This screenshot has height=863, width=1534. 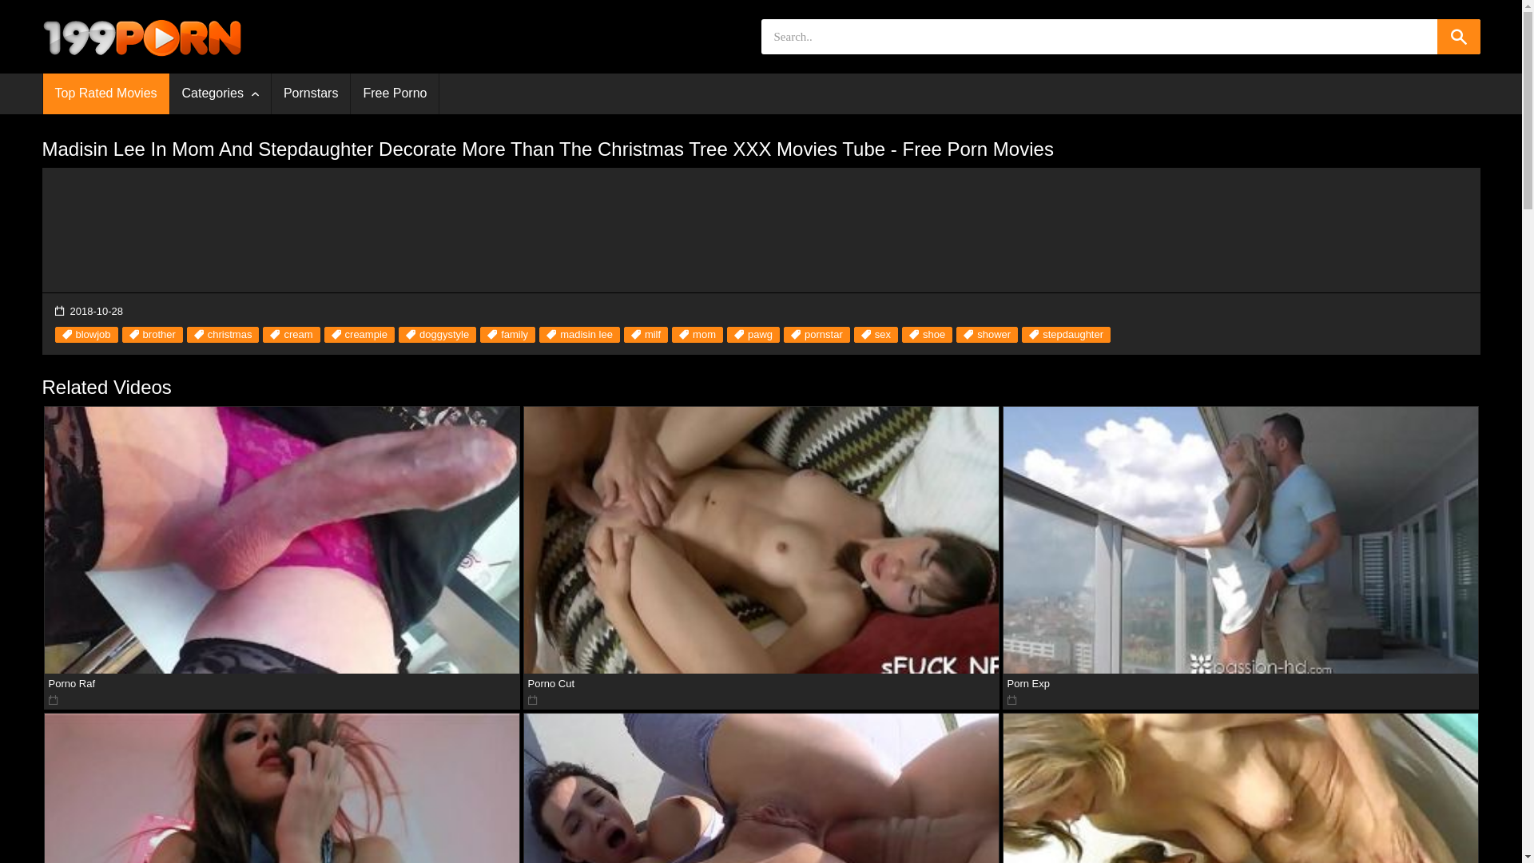 What do you see at coordinates (291, 334) in the screenshot?
I see `'cream'` at bounding box center [291, 334].